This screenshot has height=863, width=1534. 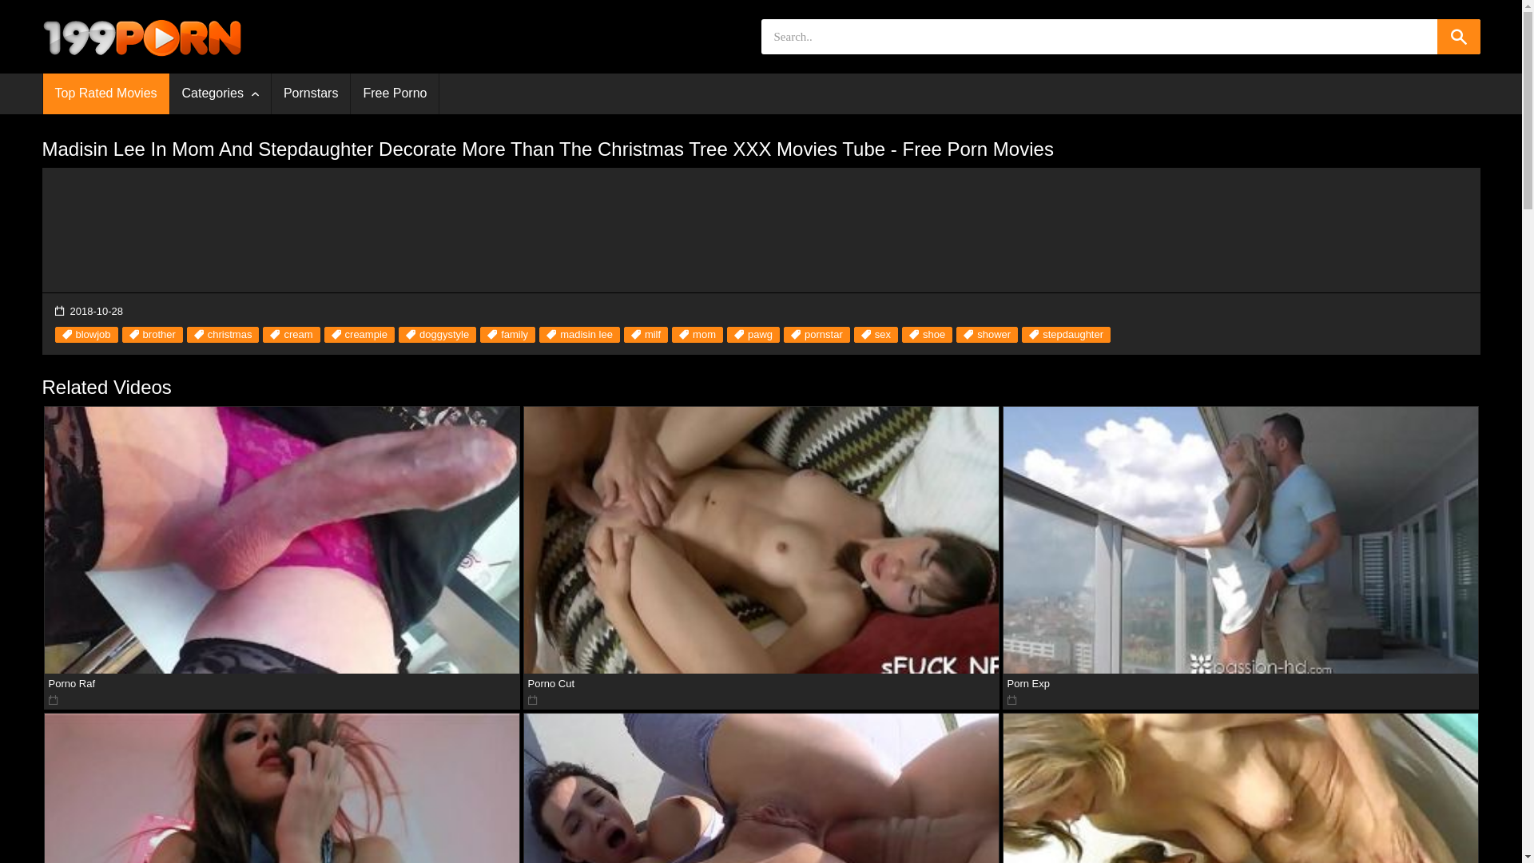 What do you see at coordinates (291, 334) in the screenshot?
I see `'cream'` at bounding box center [291, 334].